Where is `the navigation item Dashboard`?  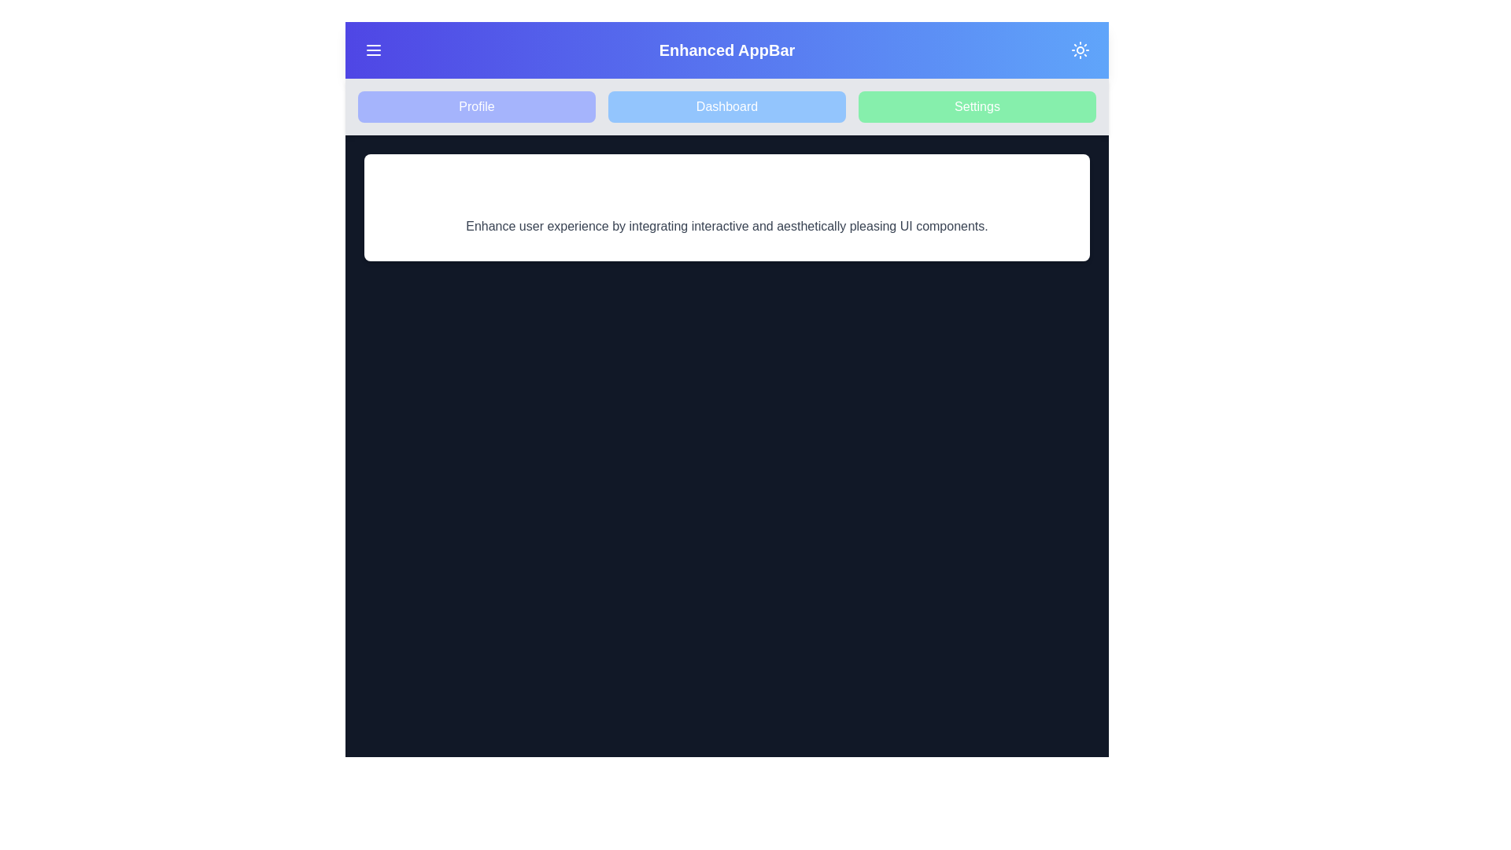
the navigation item Dashboard is located at coordinates (726, 106).